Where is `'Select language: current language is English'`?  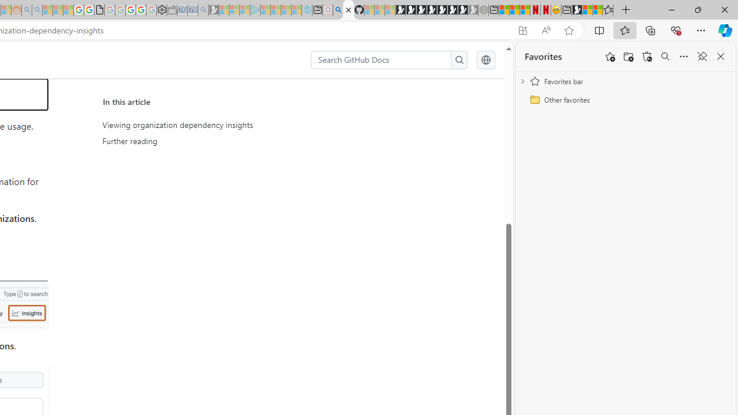 'Select language: current language is English' is located at coordinates (485, 60).